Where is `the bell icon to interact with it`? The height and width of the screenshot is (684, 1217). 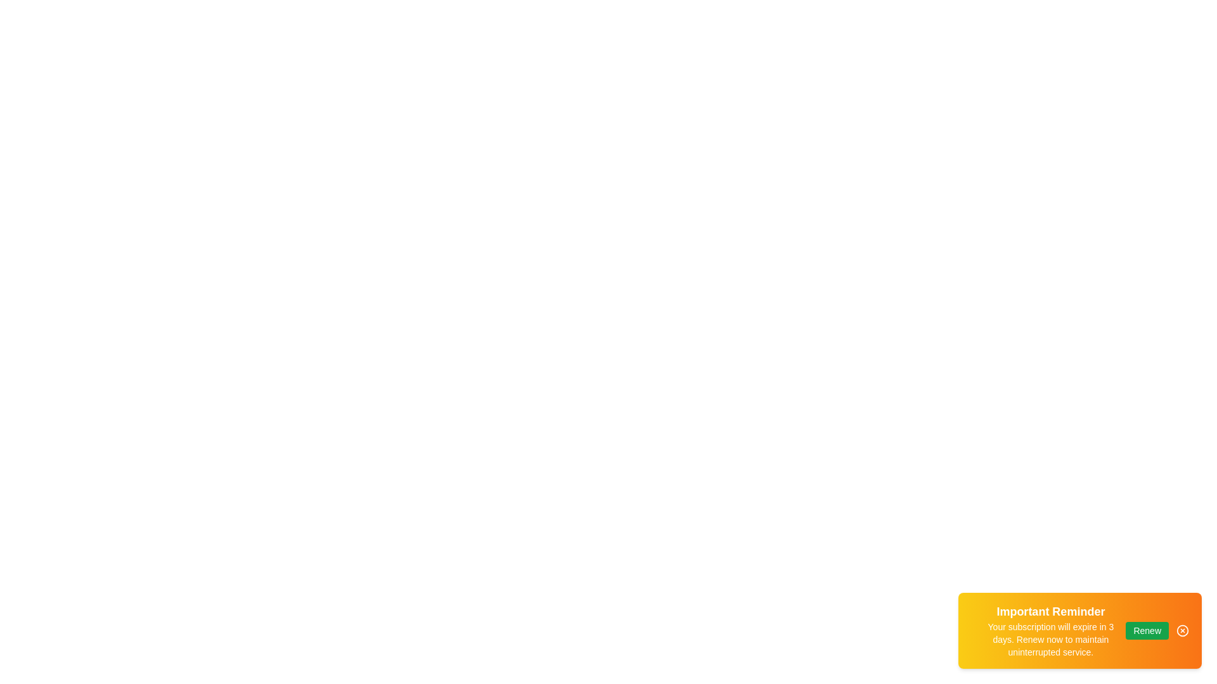 the bell icon to interact with it is located at coordinates (971, 630).